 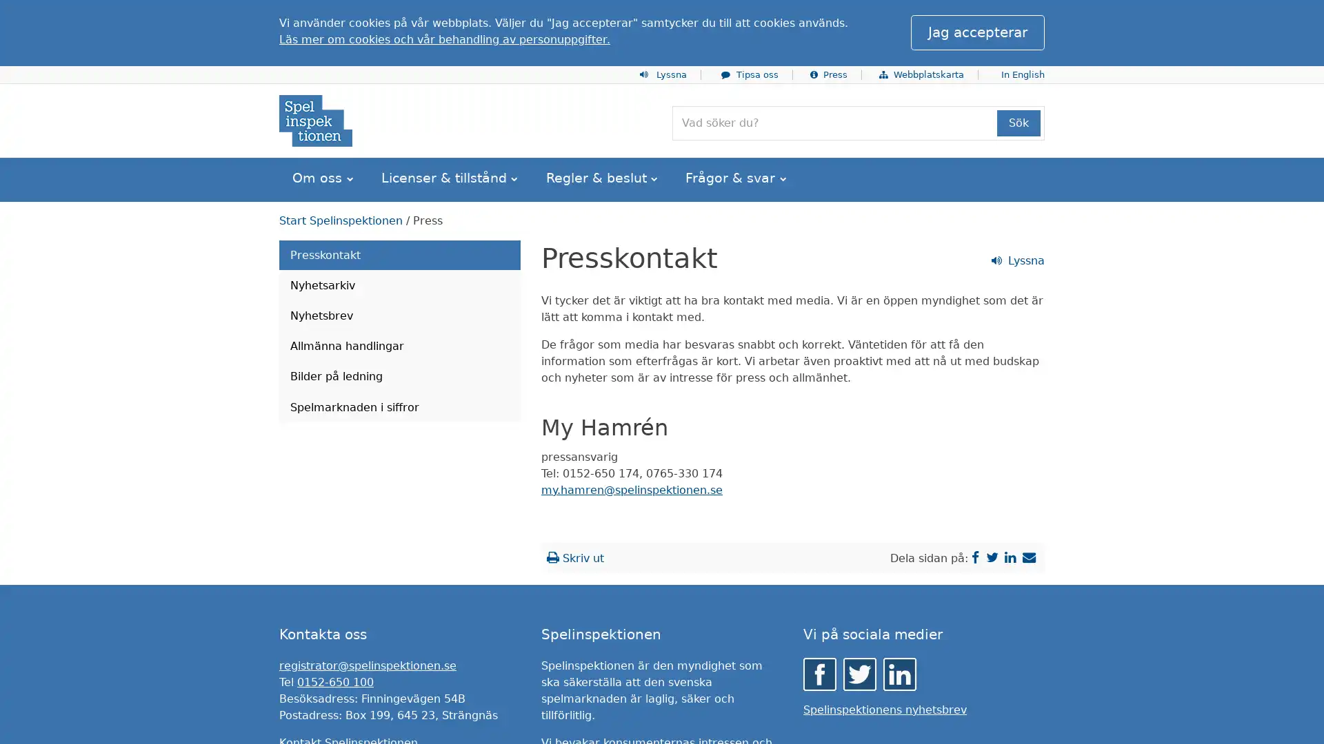 I want to click on webReaders meny, so click(x=290, y=257).